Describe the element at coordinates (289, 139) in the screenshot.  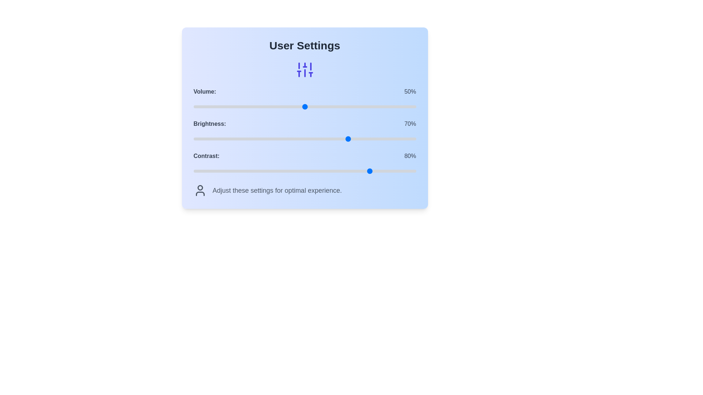
I see `the brightness level` at that location.